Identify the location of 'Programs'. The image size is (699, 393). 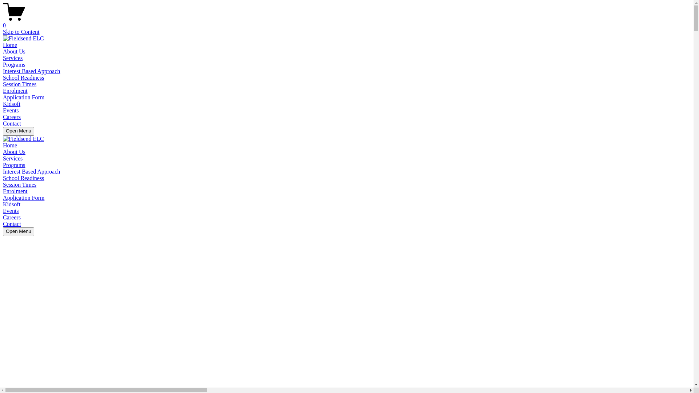
(14, 64).